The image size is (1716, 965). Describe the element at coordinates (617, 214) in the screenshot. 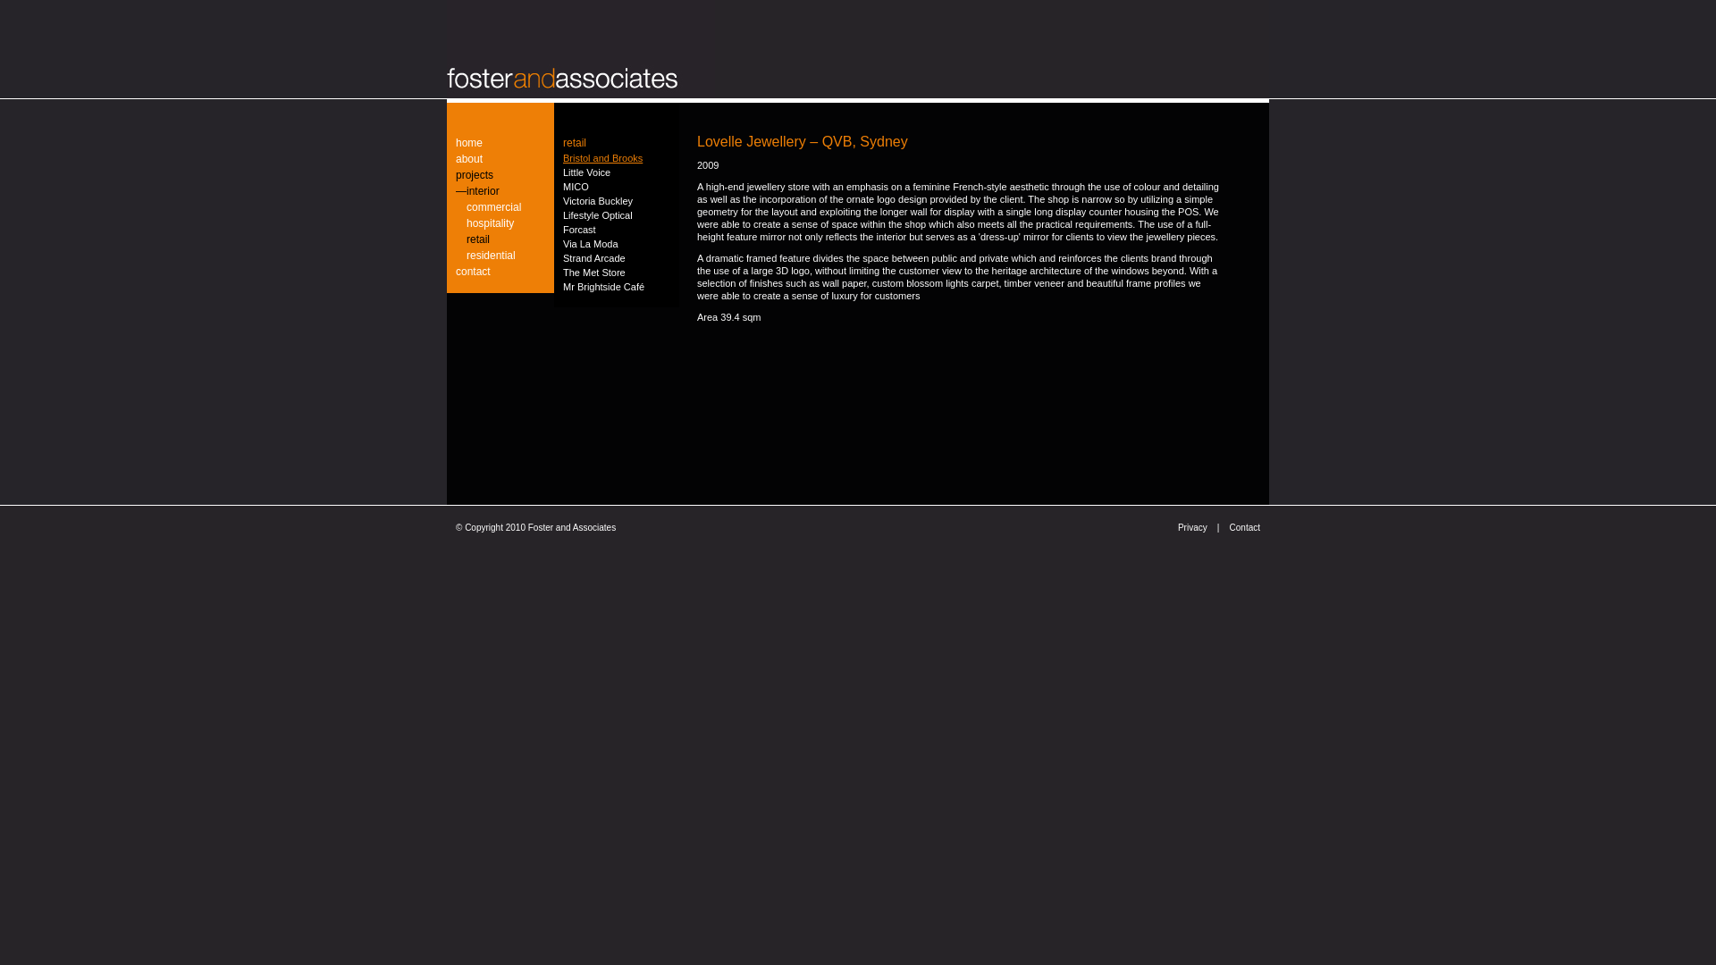

I see `'Lifestyle Optical'` at that location.